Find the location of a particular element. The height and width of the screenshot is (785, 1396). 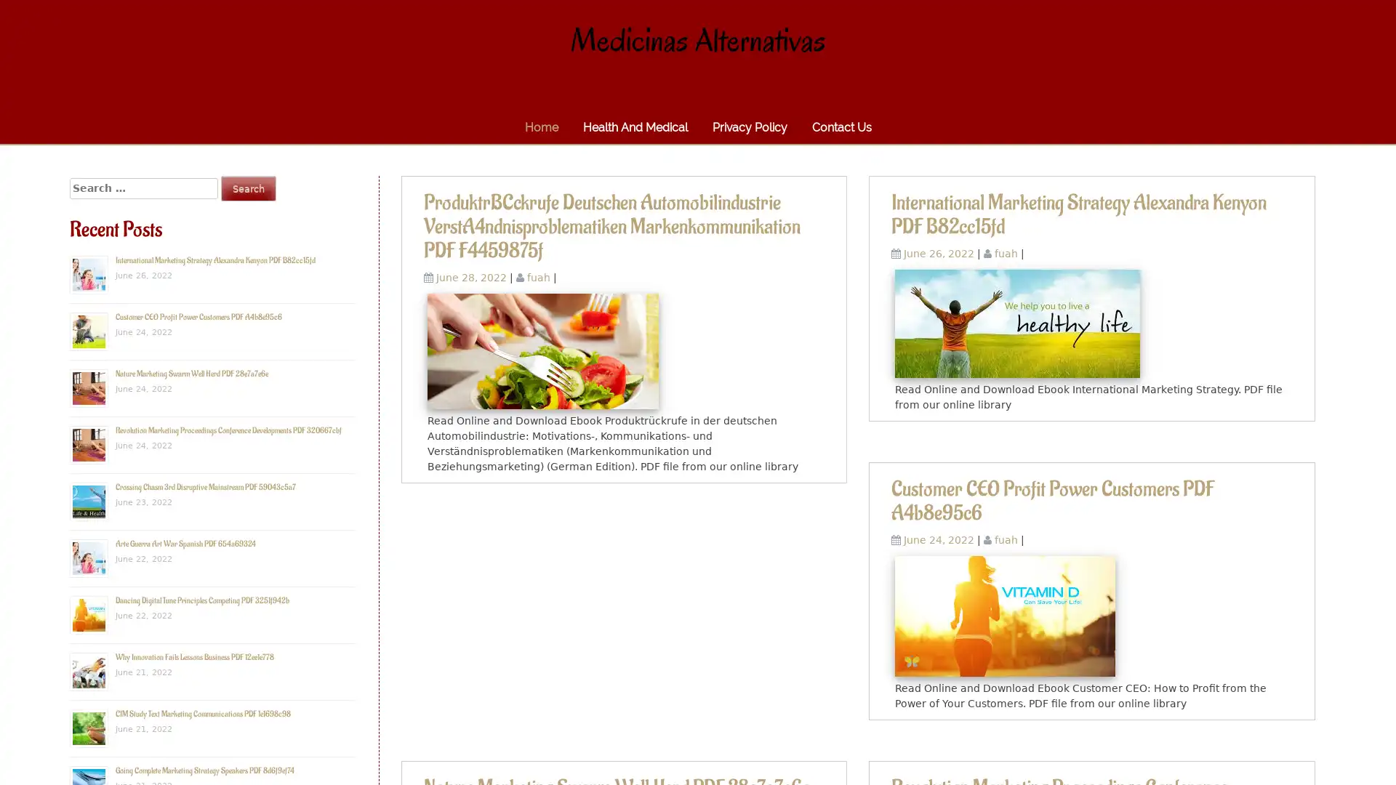

Search is located at coordinates (248, 188).